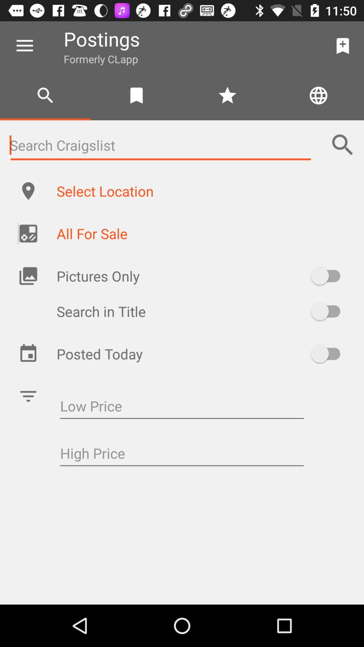 The width and height of the screenshot is (364, 647). Describe the element at coordinates (328, 276) in the screenshot. I see `pictures only` at that location.